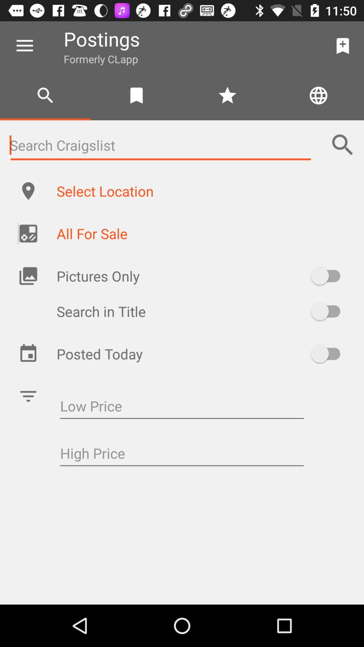 The width and height of the screenshot is (364, 647). Describe the element at coordinates (328, 276) in the screenshot. I see `pictures only` at that location.